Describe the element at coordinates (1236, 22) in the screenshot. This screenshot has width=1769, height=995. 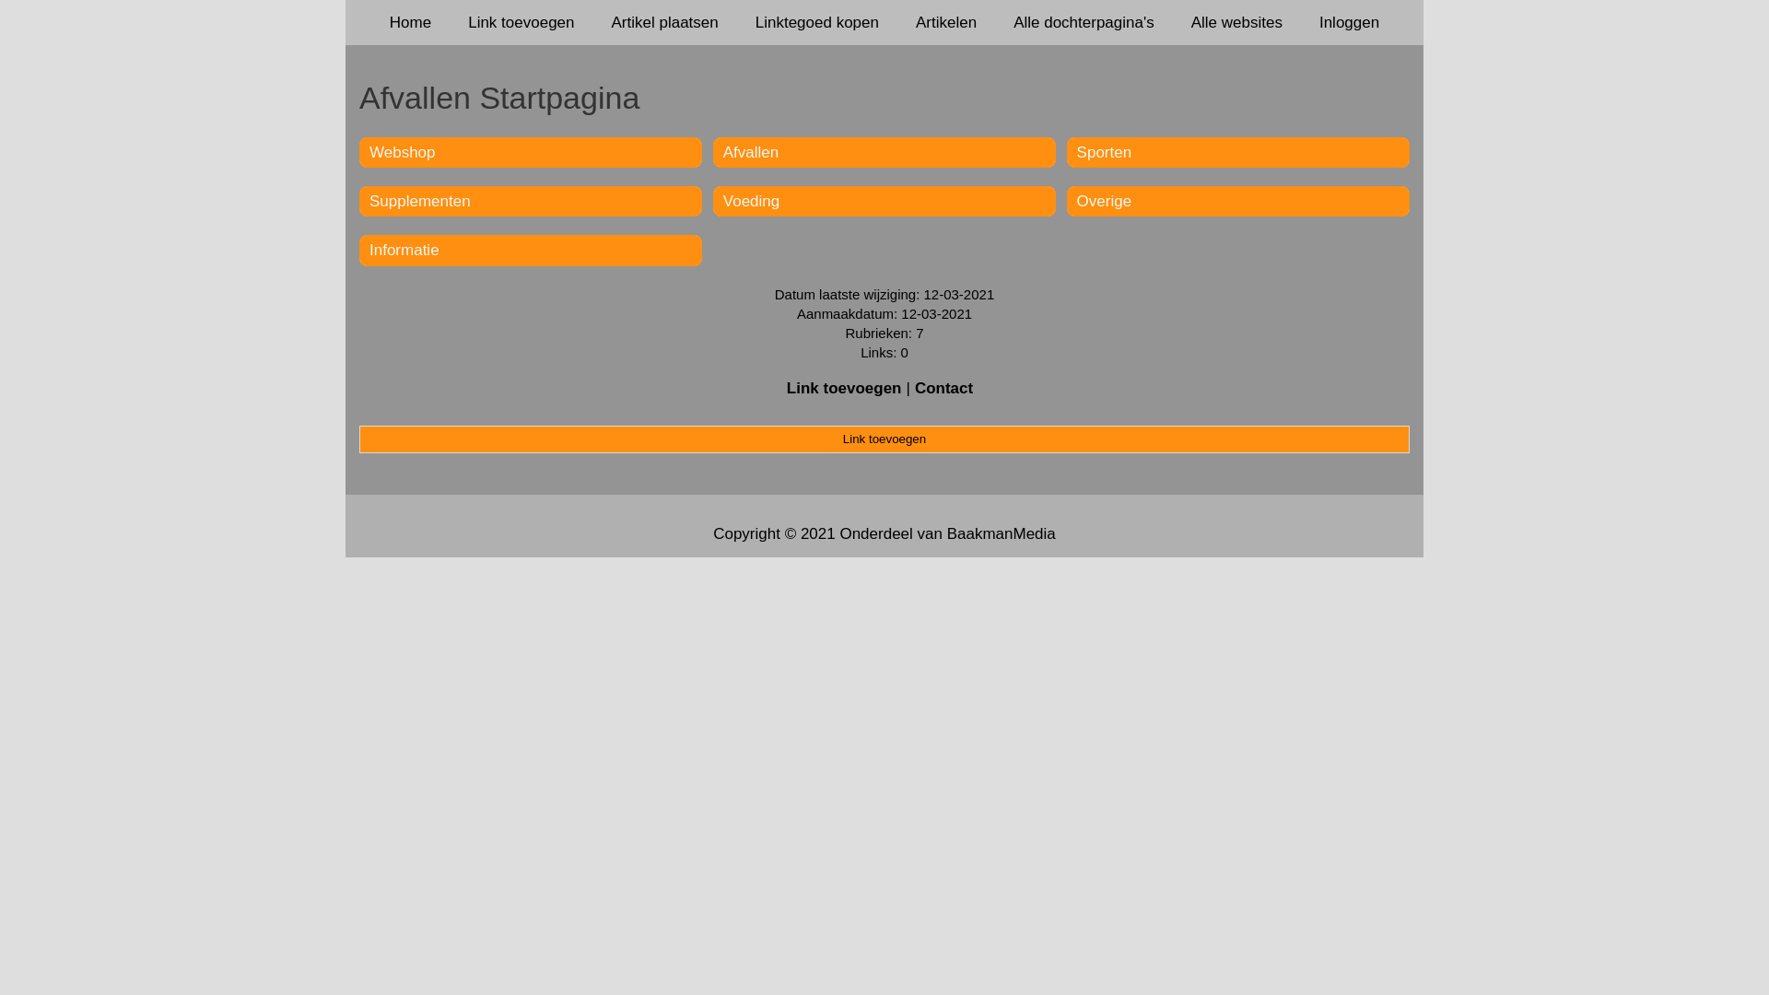
I see `'Alle websites'` at that location.